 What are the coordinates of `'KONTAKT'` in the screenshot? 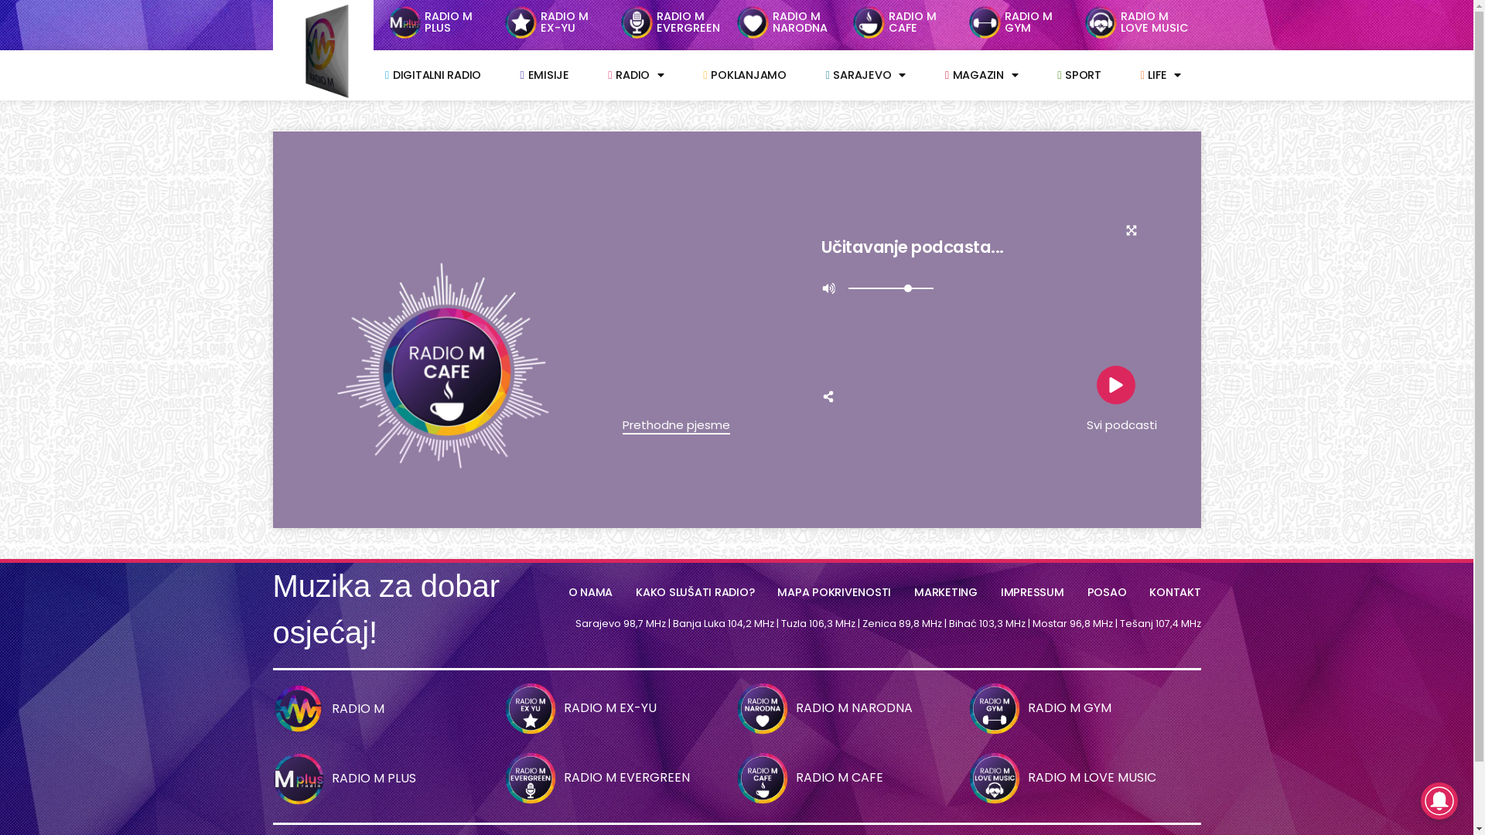 It's located at (1174, 591).